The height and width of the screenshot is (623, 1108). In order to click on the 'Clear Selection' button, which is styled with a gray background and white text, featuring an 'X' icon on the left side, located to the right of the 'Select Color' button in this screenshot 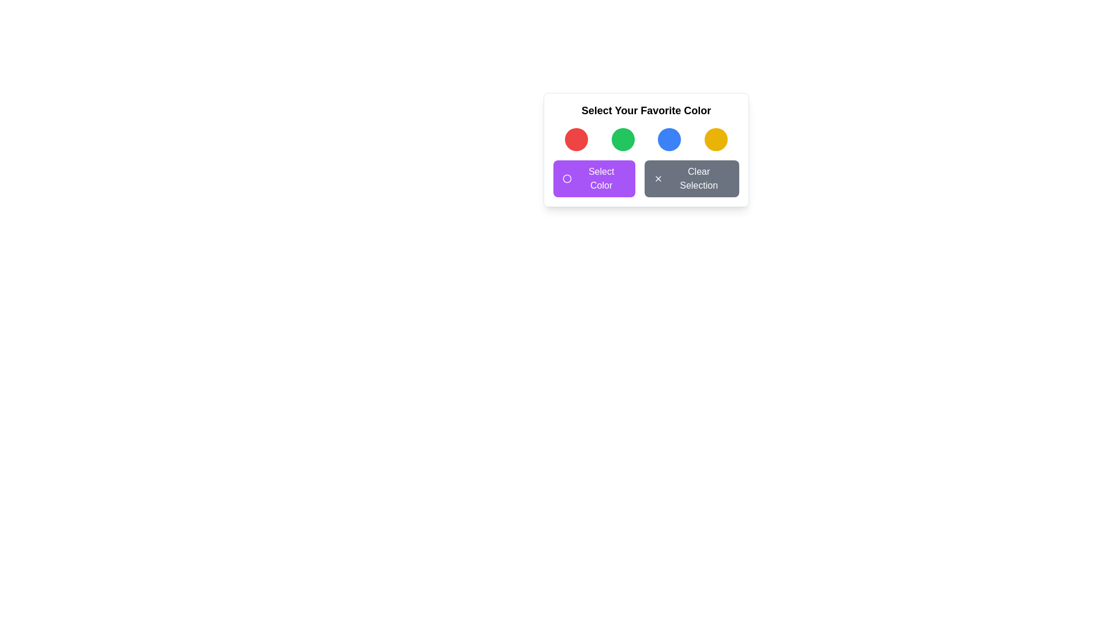, I will do `click(692, 178)`.